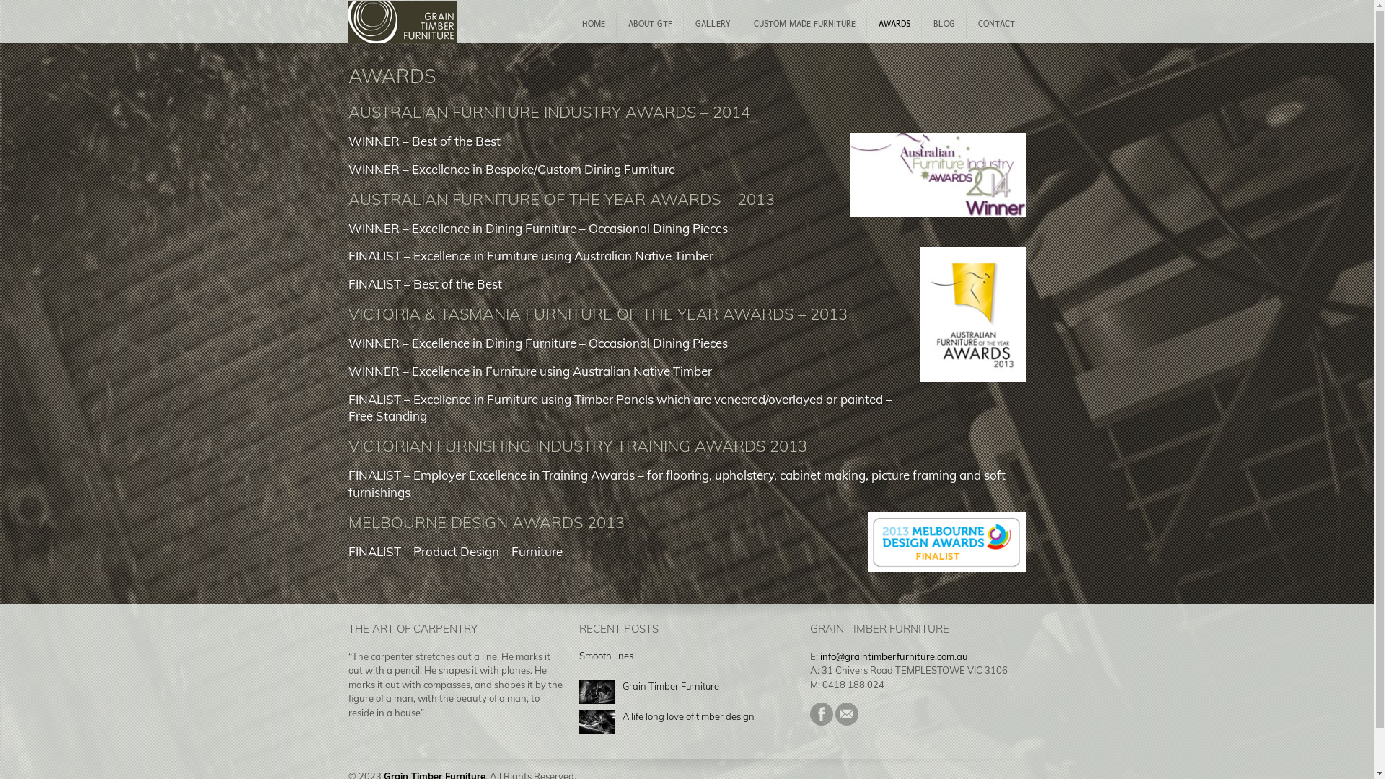 This screenshot has height=779, width=1385. I want to click on 'ABOUT GTF', so click(648, 24).